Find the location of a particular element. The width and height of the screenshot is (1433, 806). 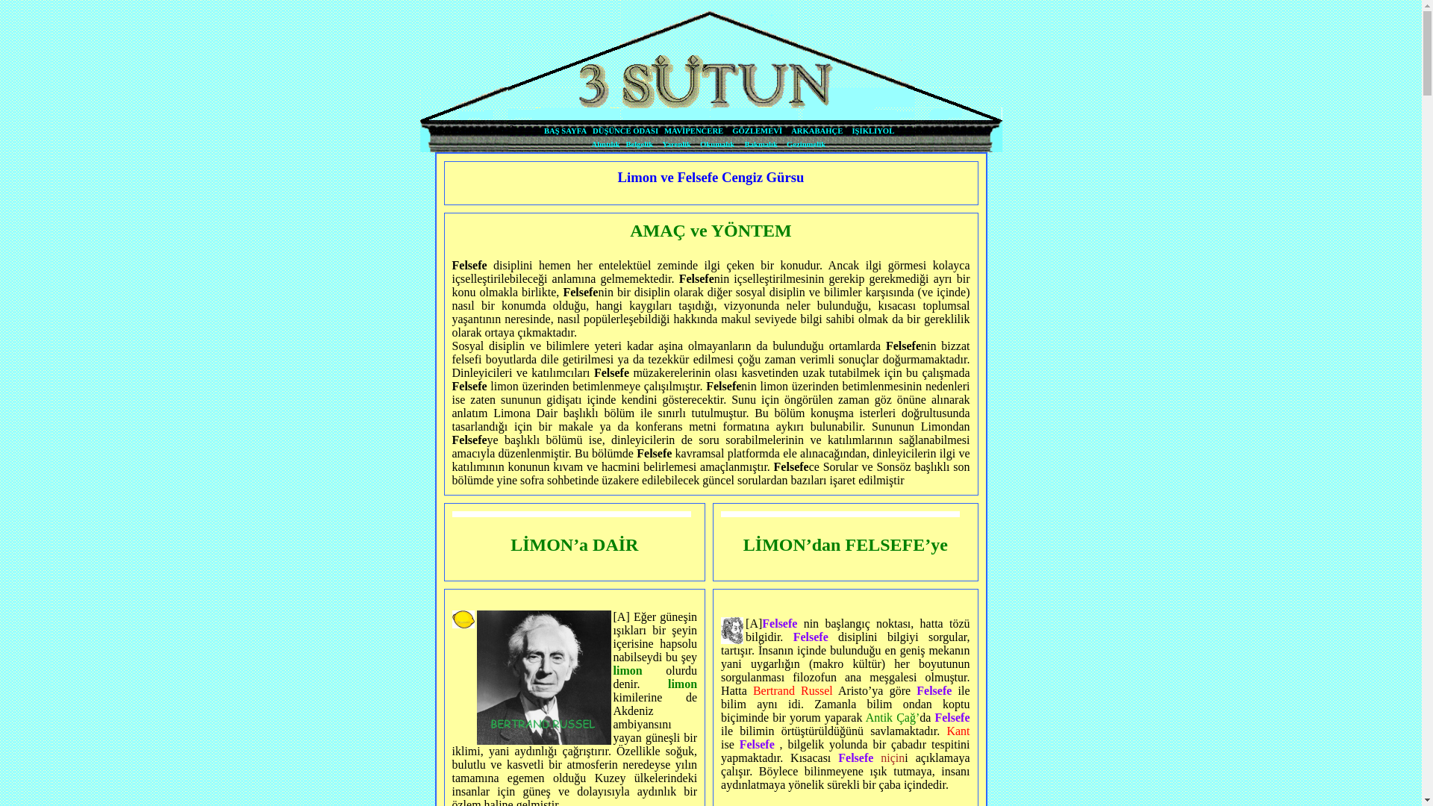

'Yarenlik' is located at coordinates (661, 144).